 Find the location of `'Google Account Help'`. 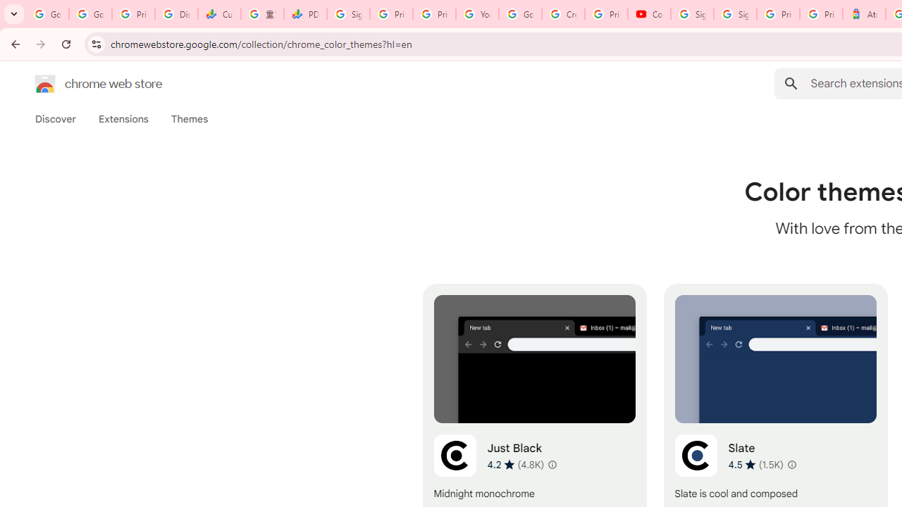

'Google Account Help' is located at coordinates (519, 14).